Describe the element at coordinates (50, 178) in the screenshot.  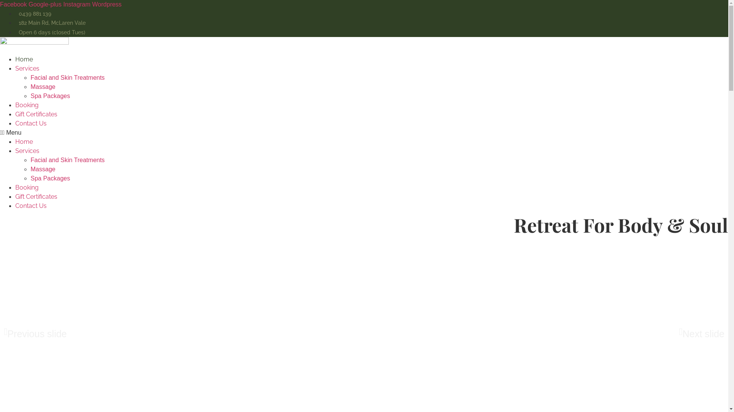
I see `'Spa Packages'` at that location.